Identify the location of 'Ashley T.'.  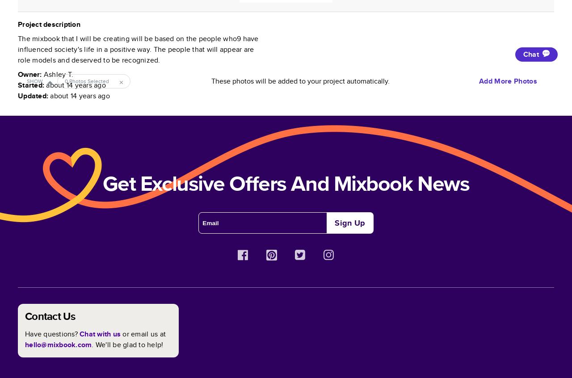
(58, 74).